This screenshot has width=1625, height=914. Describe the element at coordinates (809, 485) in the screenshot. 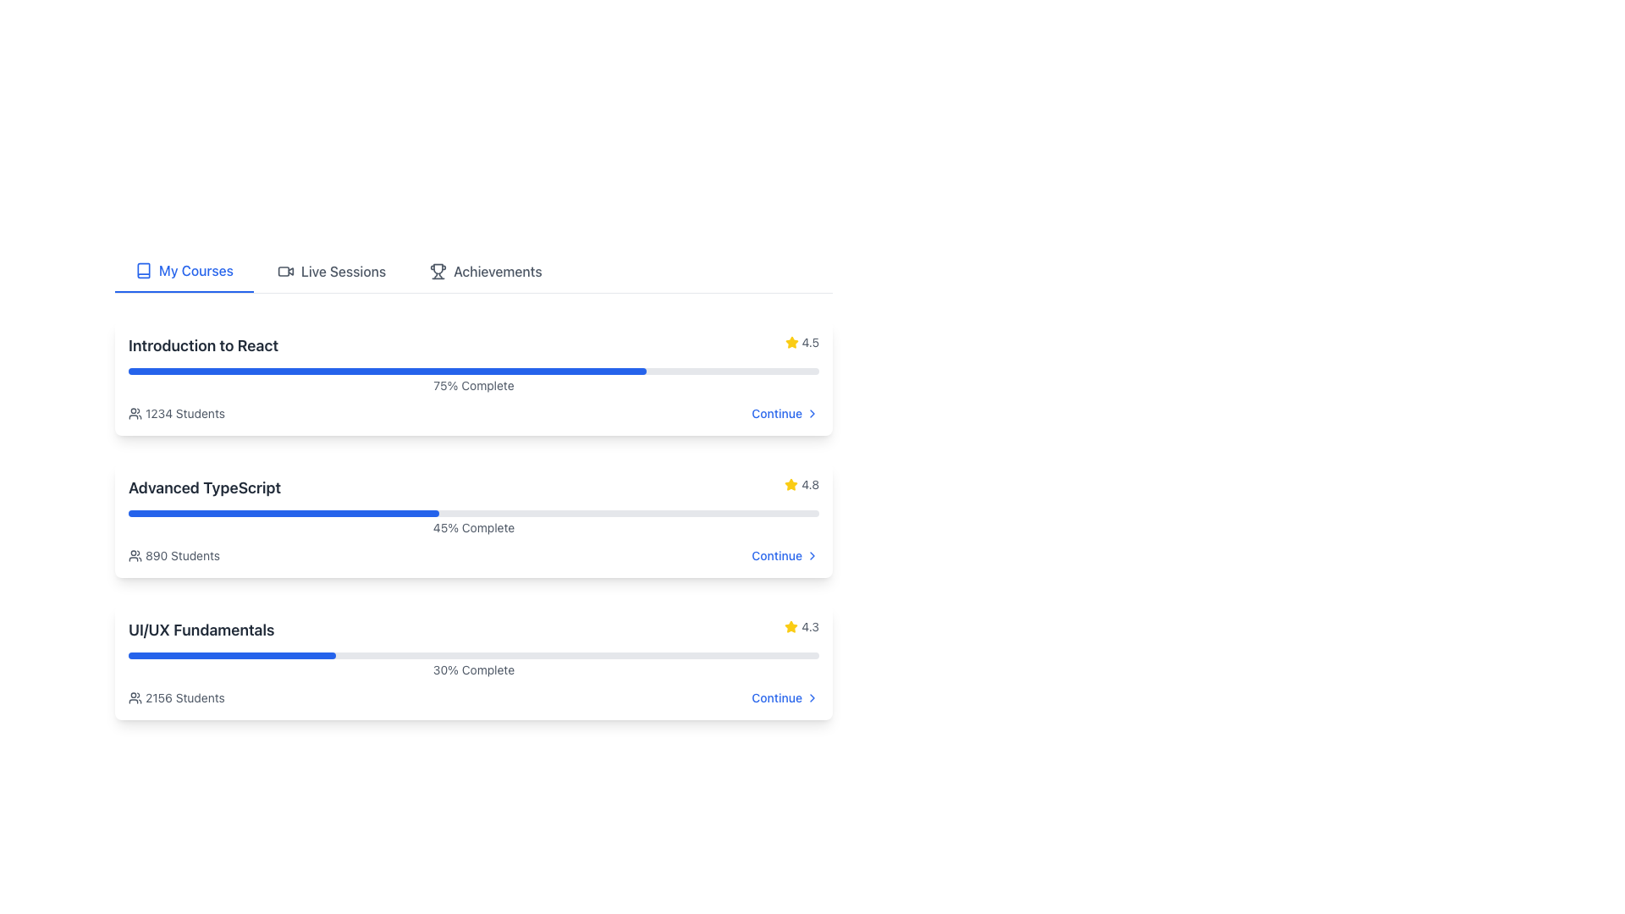

I see `the text label displaying the average rating of the 'Advanced TypeScript' course, located to the right of the star icon in the top-right corner of the course card` at that location.